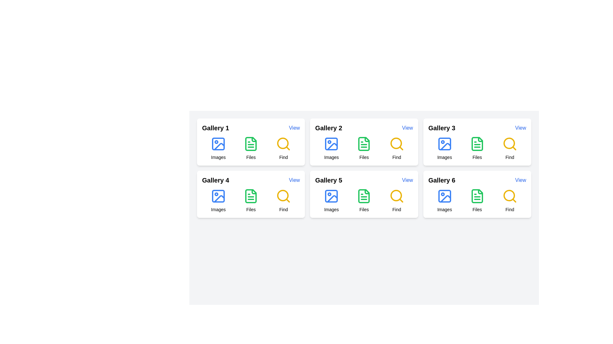 Image resolution: width=613 pixels, height=344 pixels. What do you see at coordinates (444, 144) in the screenshot?
I see `the 'Images' category icon in the 'Gallery 3' section` at bounding box center [444, 144].